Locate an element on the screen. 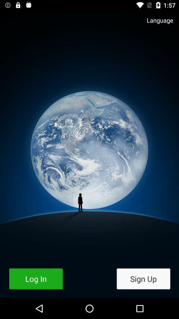  the language icon is located at coordinates (156, 24).